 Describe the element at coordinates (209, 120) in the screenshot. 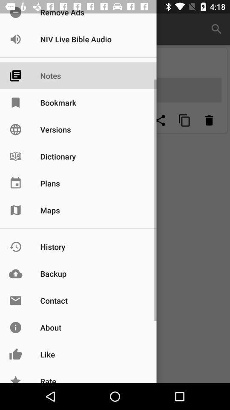

I see `delete the option` at that location.